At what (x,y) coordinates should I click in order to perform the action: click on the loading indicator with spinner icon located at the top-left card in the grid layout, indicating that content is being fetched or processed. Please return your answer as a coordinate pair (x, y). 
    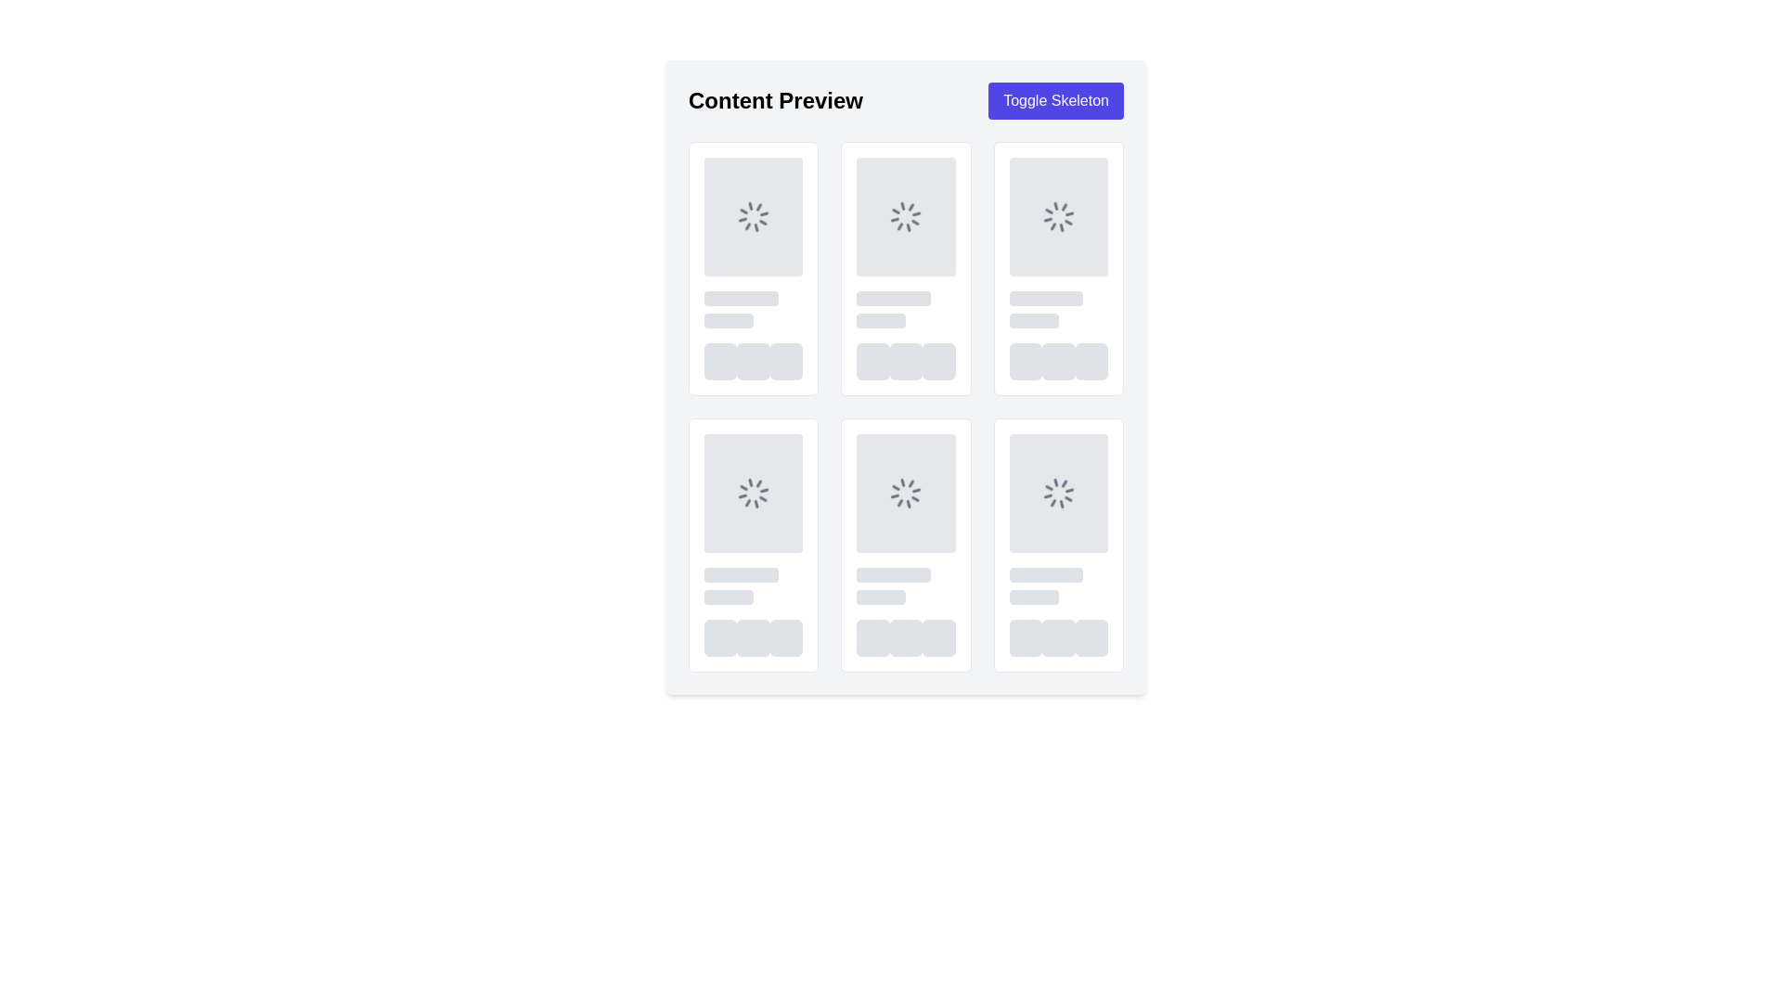
    Looking at the image, I should click on (754, 216).